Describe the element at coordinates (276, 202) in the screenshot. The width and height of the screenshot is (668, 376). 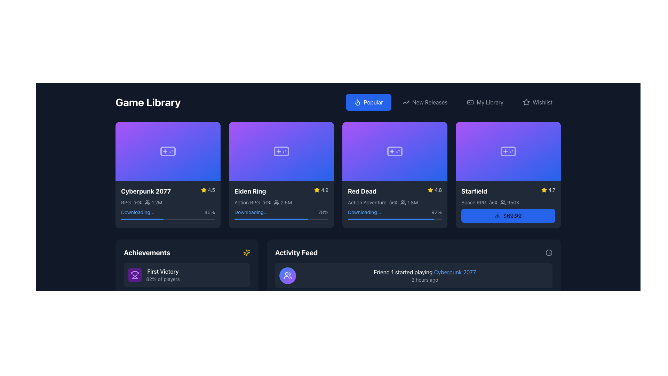
I see `the user group icon, which is represented by stylized line art silhouettes and is located adjacent to the numerical value '2.5M'` at that location.